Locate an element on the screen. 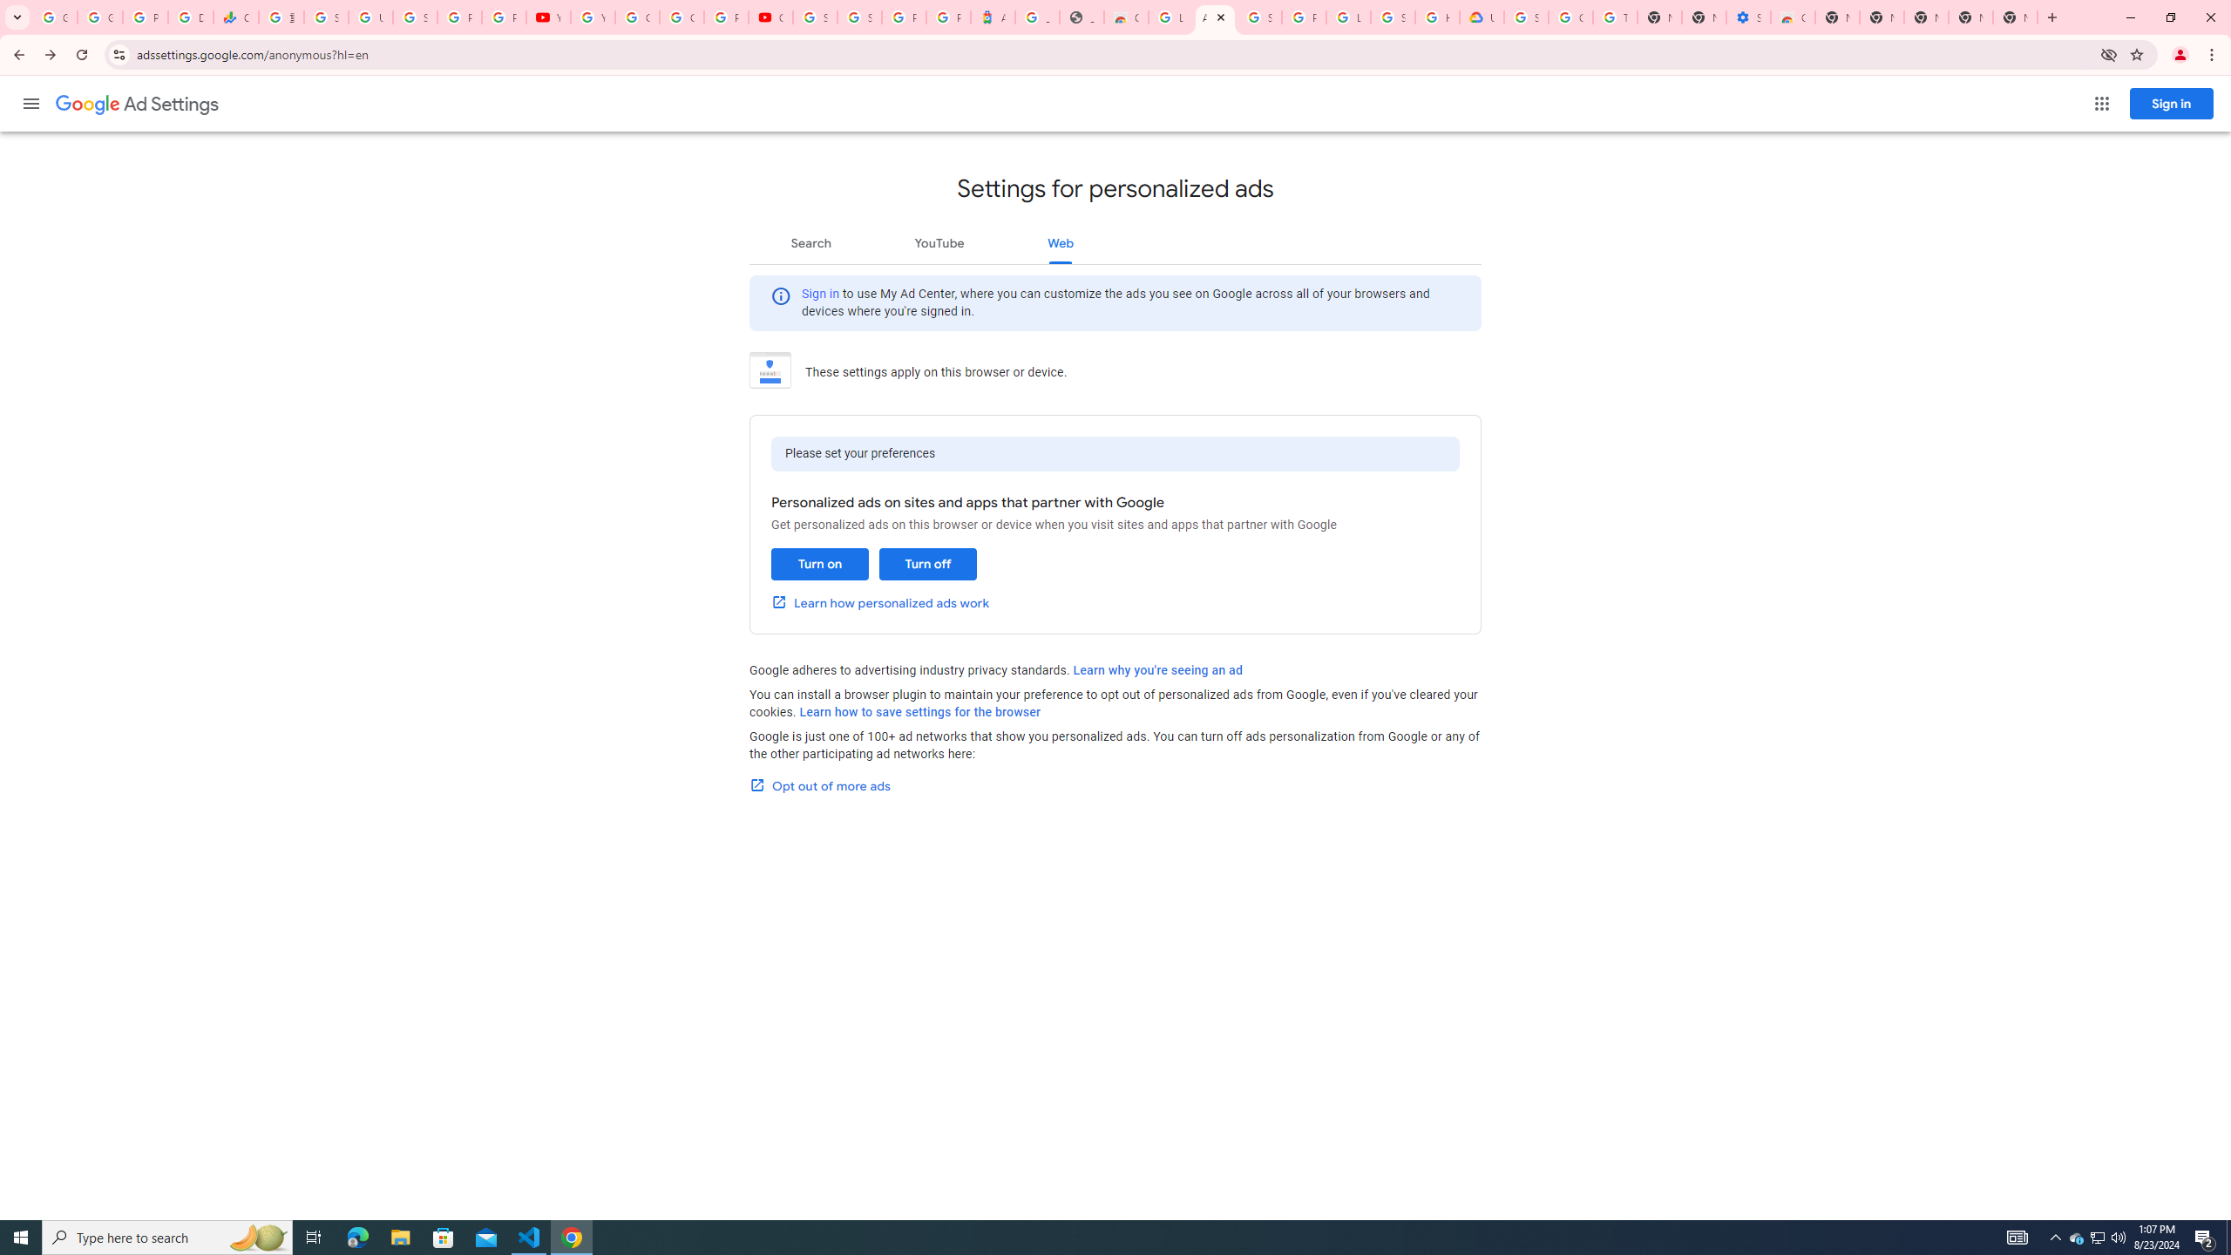 The height and width of the screenshot is (1255, 2231). 'Google Account Help' is located at coordinates (1570, 17).